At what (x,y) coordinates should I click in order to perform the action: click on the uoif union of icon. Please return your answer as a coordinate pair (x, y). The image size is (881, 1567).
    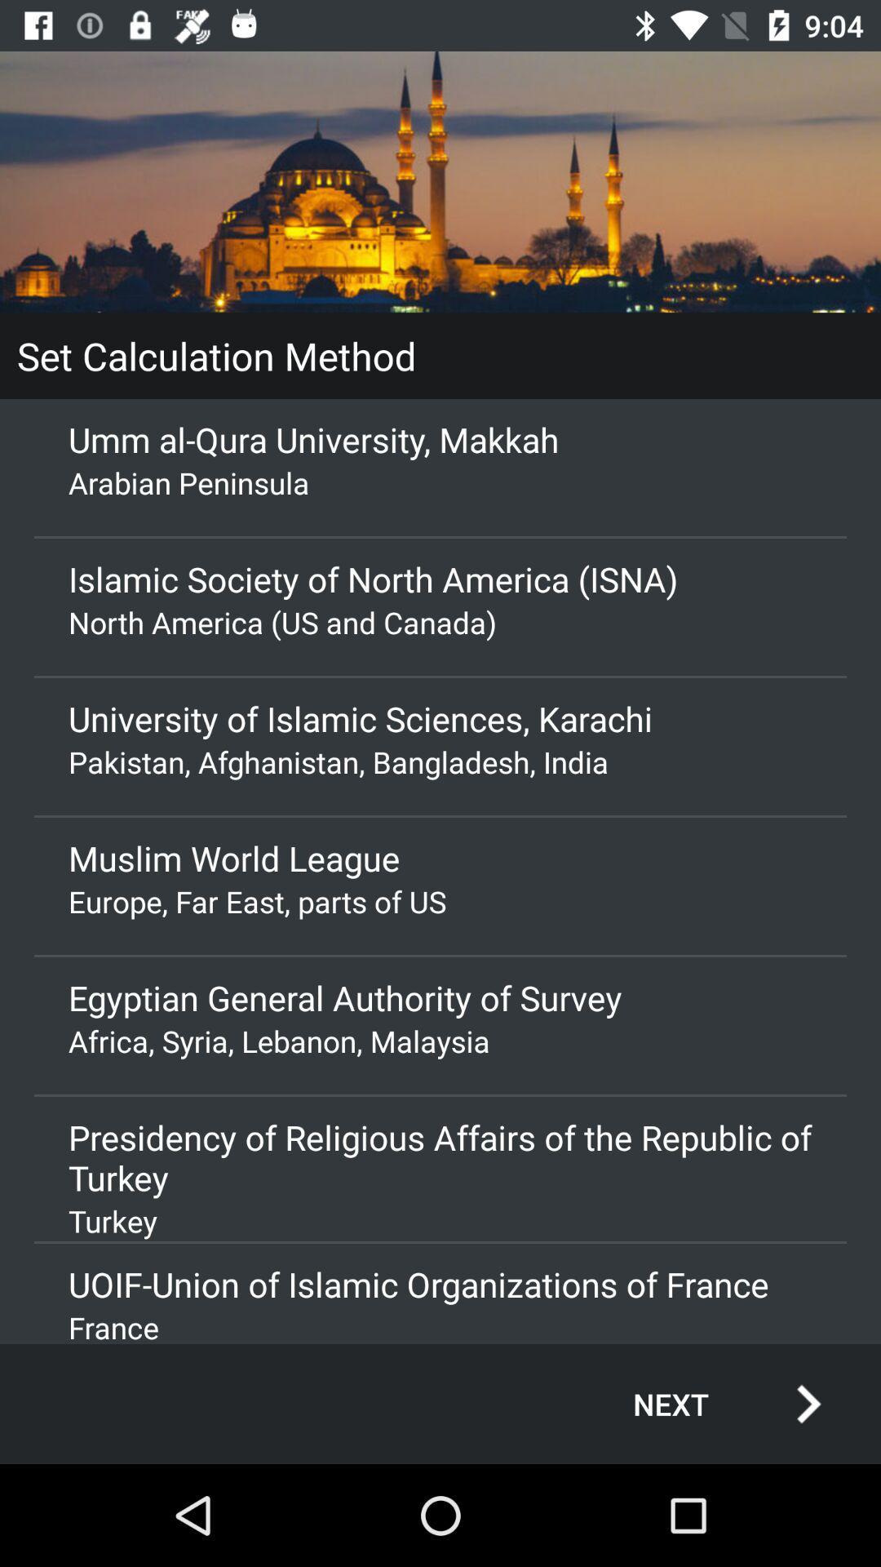
    Looking at the image, I should click on (440, 1283).